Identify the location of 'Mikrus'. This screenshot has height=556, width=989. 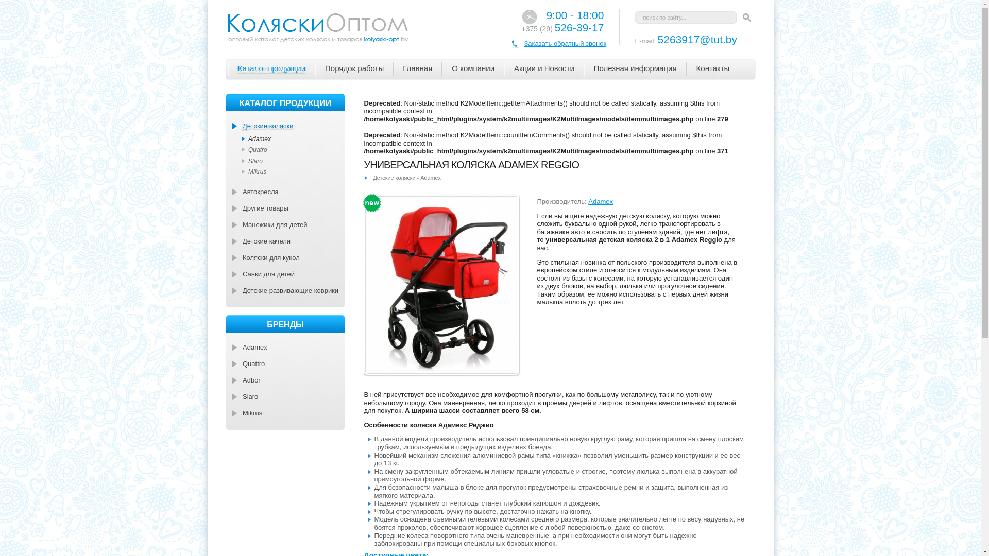
(294, 171).